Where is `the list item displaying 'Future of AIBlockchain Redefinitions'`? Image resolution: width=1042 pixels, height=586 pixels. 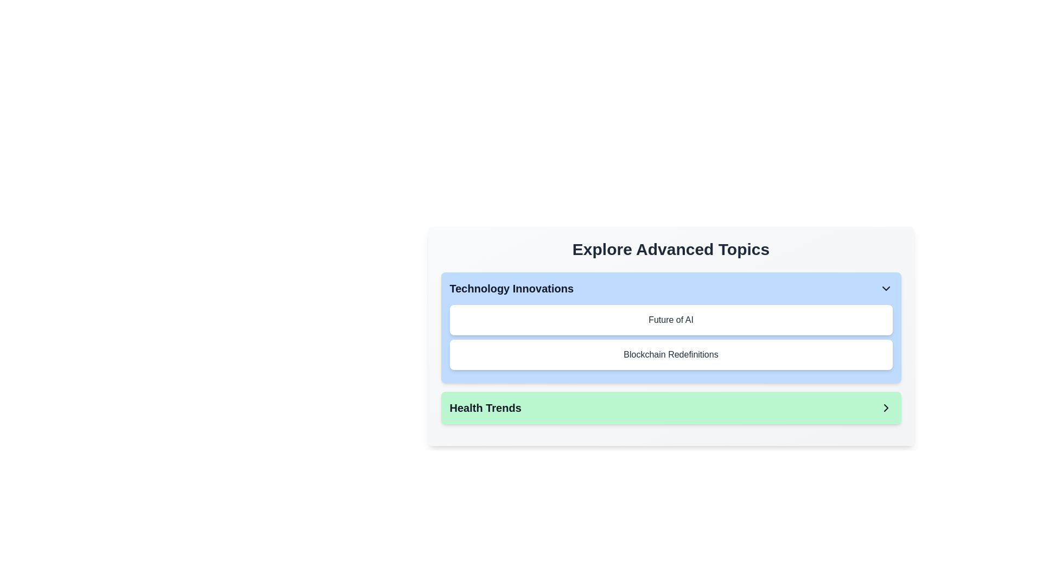
the list item displaying 'Future of AIBlockchain Redefinitions' is located at coordinates (670, 336).